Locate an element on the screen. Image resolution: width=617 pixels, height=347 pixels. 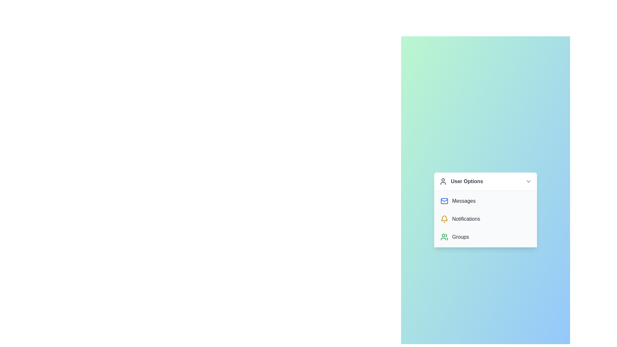
the 'Messages' text label, which is styled in gray and located under the envelope icon in the user options panel is located at coordinates (464, 200).